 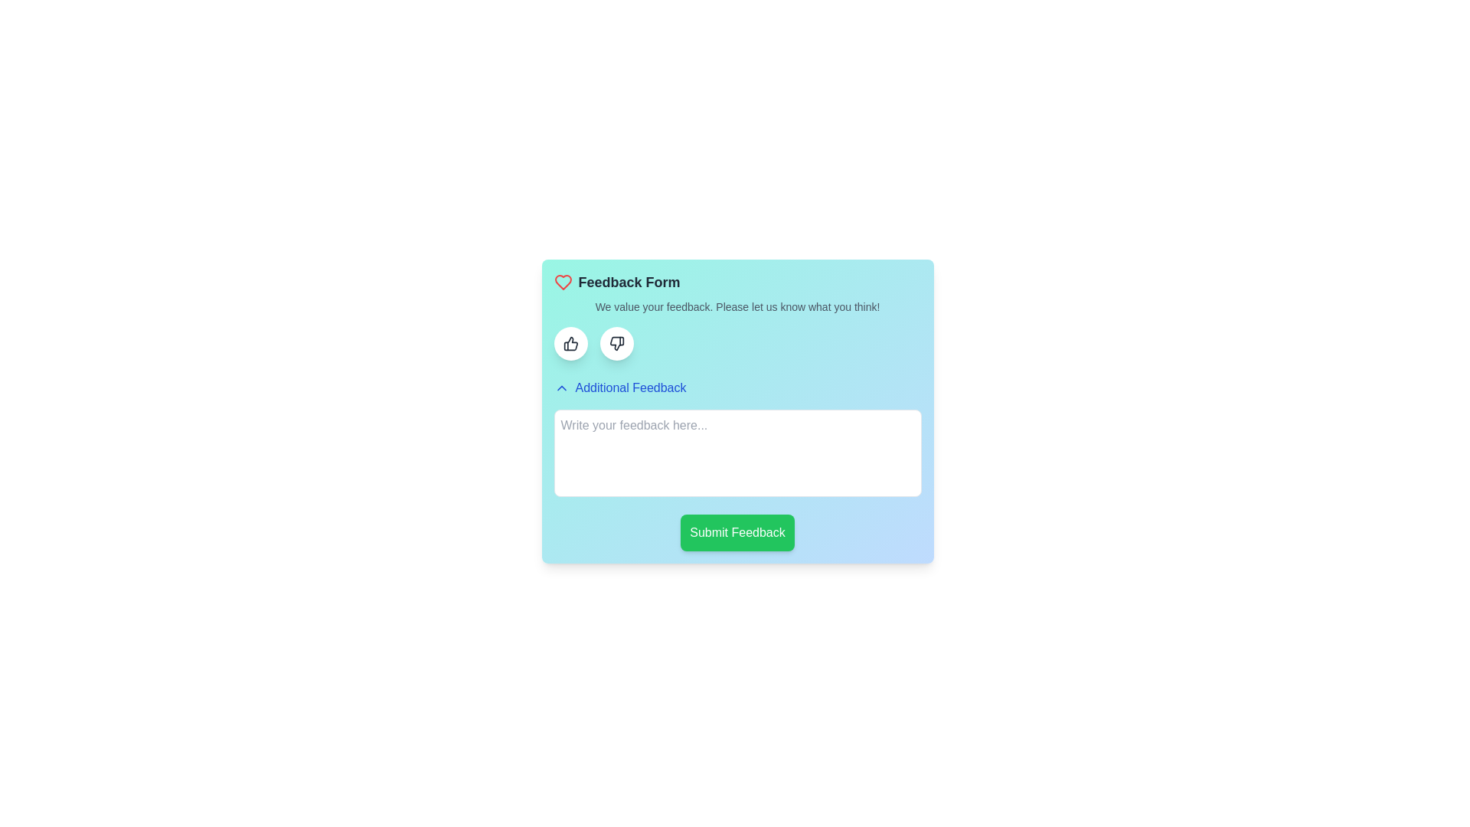 I want to click on the Toggle button located within the feedback form card to underline it, so click(x=620, y=387).